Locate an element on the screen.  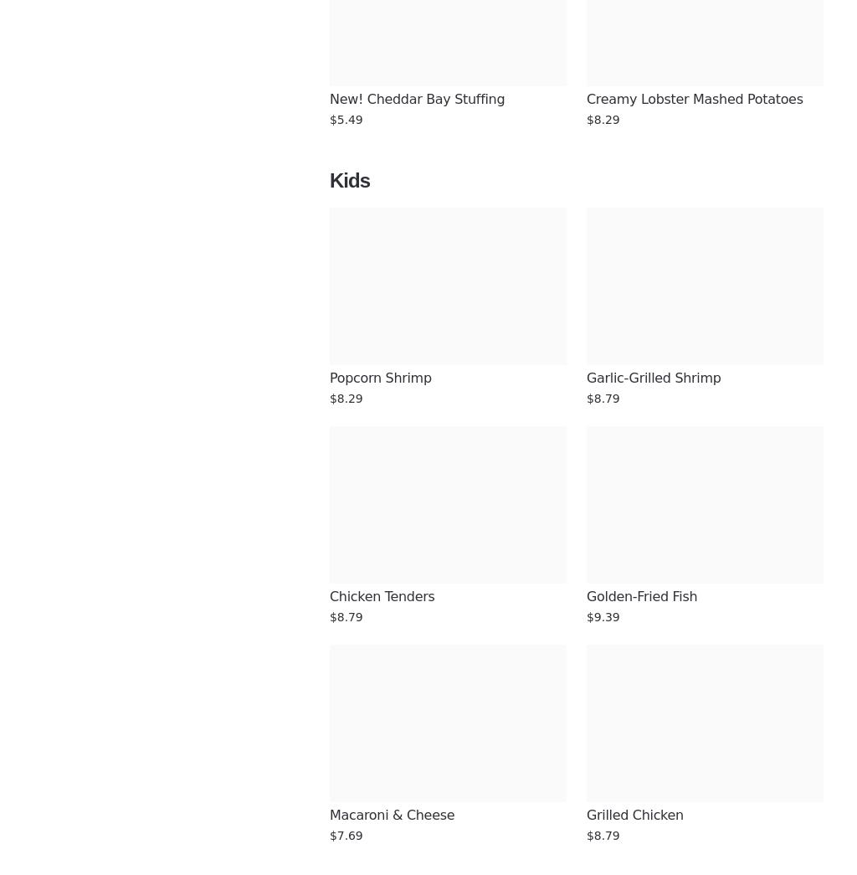
'Chicken Tenders' is located at coordinates (382, 595).